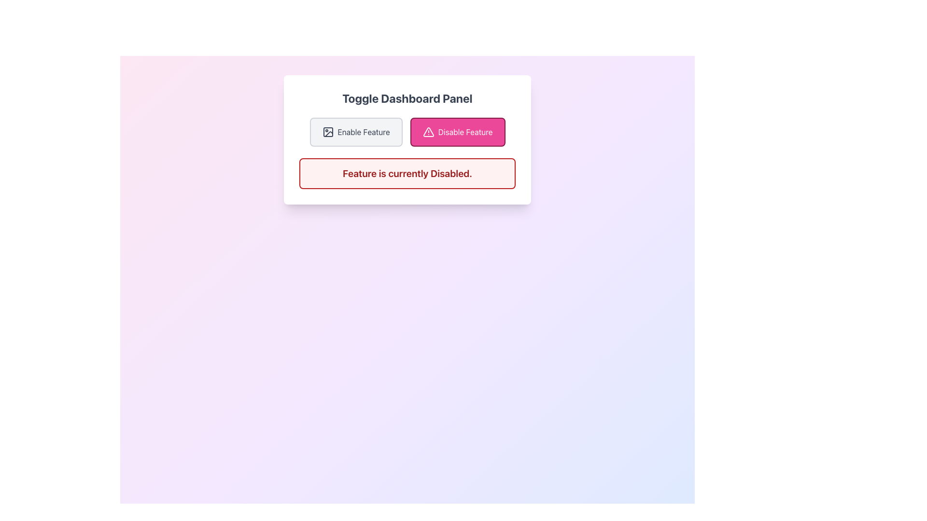  What do you see at coordinates (328, 132) in the screenshot?
I see `the decorative SVG rectangle that serves as the outermost part of the icon in the button to the left of the 'Enable Feature' text` at bounding box center [328, 132].